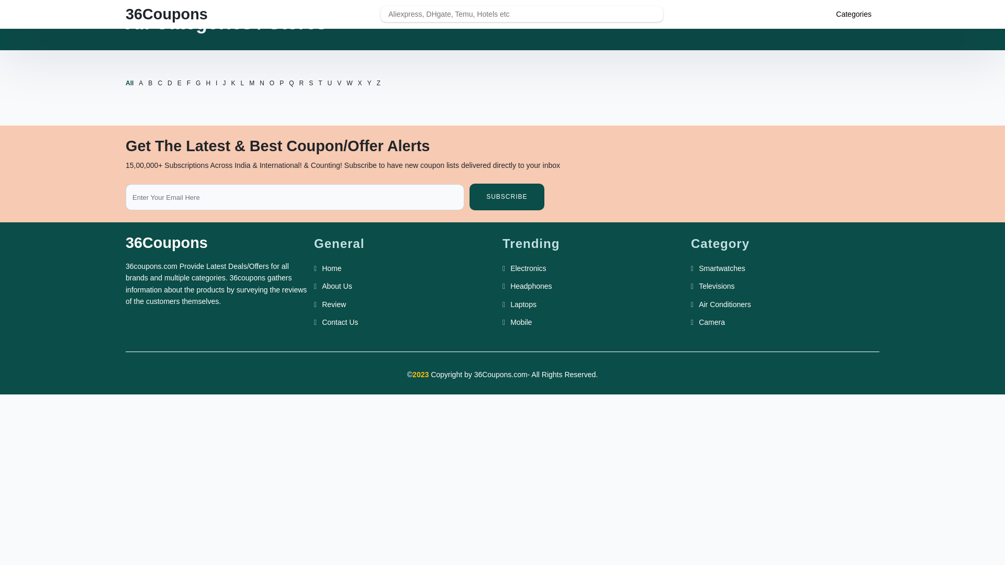 The image size is (1005, 565). I want to click on 'Smartwatches', so click(721, 268).